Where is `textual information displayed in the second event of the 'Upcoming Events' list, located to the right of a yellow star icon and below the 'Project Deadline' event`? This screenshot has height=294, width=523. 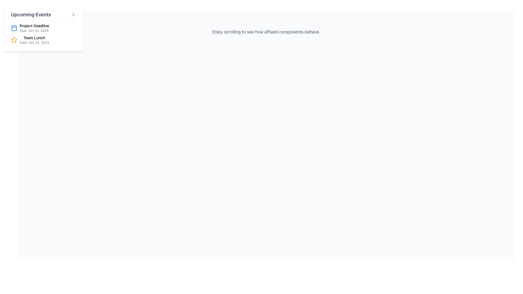 textual information displayed in the second event of the 'Upcoming Events' list, located to the right of a yellow star icon and below the 'Project Deadline' event is located at coordinates (34, 39).